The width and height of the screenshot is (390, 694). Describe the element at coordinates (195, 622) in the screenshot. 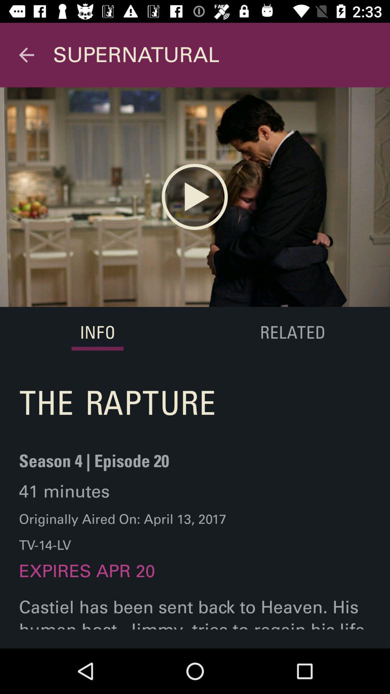

I see `castiel has been item` at that location.